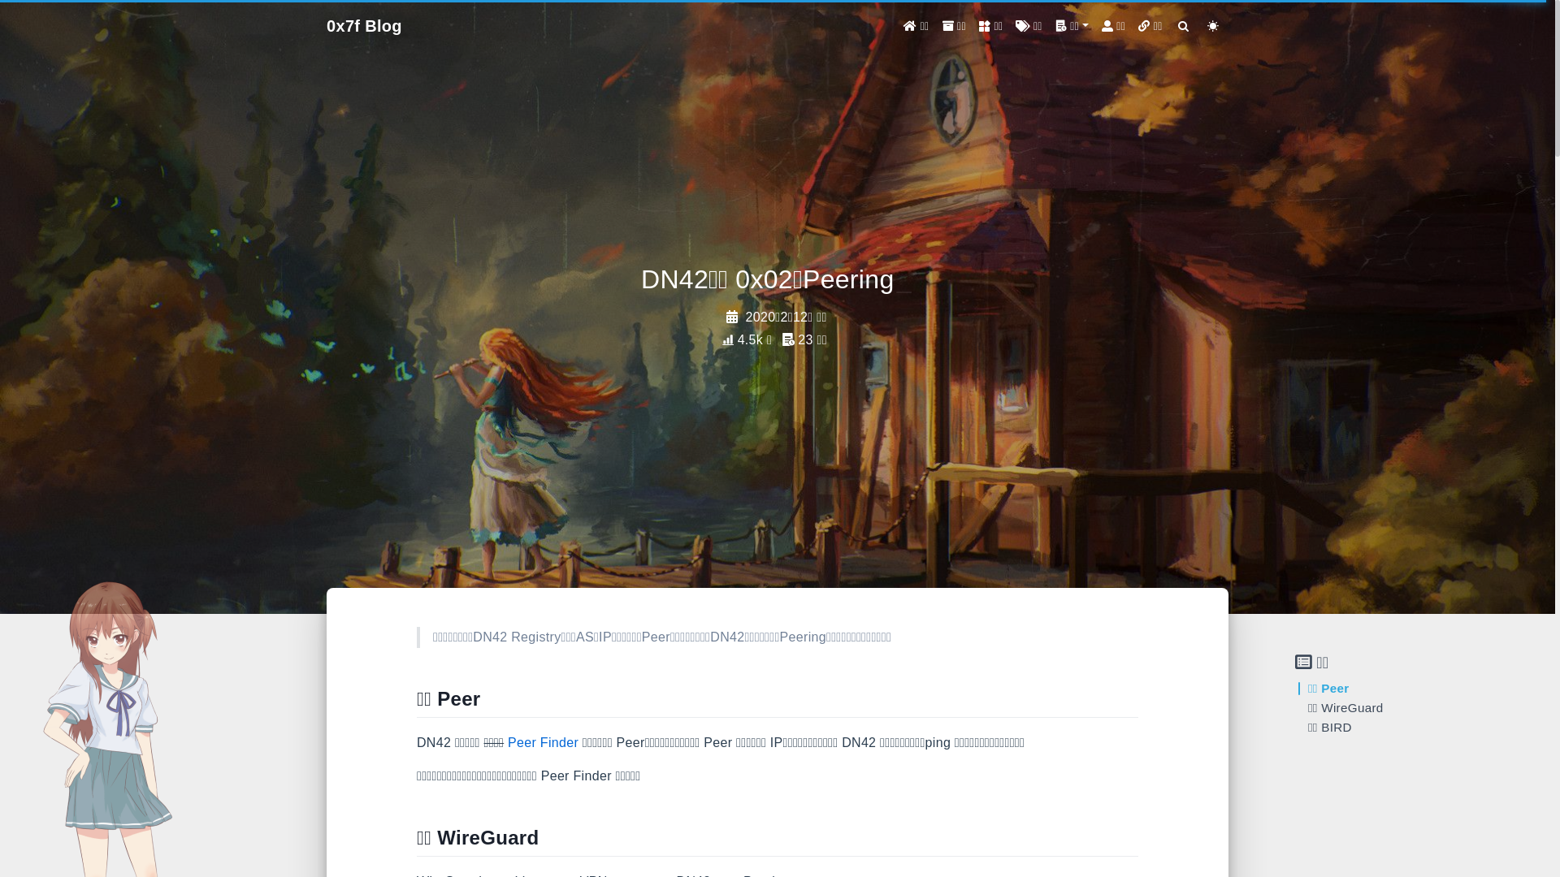 This screenshot has height=877, width=1560. I want to click on '0x7f Blog', so click(363, 25).